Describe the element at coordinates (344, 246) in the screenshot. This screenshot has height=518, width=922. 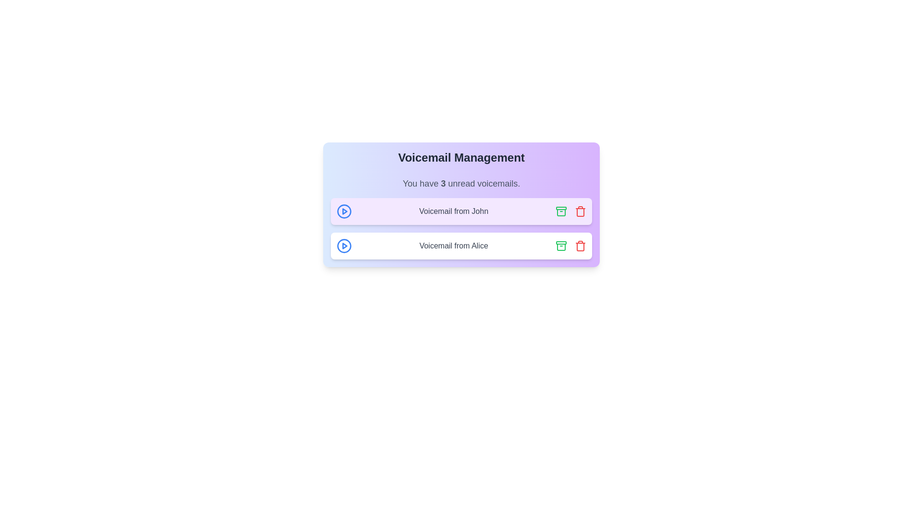
I see `the circular play button icon with a blue outline and inner triangular play symbol, located next to the voicemail entry labeled 'Voicemail from Alice'` at that location.